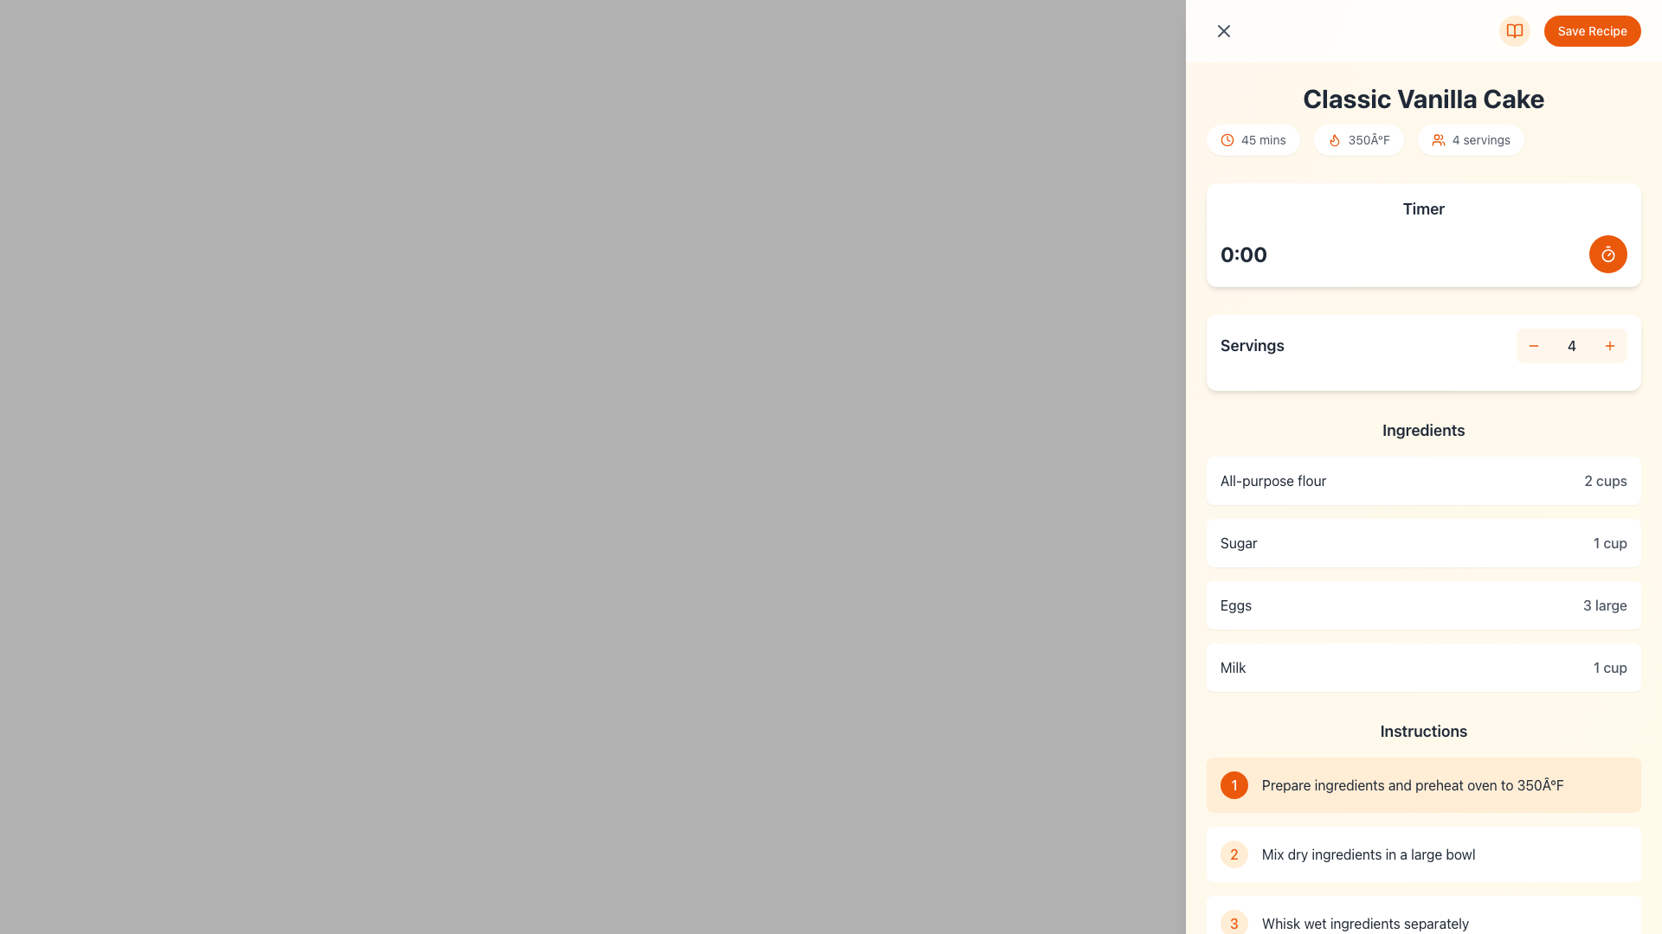 This screenshot has height=934, width=1662. I want to click on the open book icon located near the top-right corner of the interface, to the left of the 'Save Recipe' button, so click(1513, 30).